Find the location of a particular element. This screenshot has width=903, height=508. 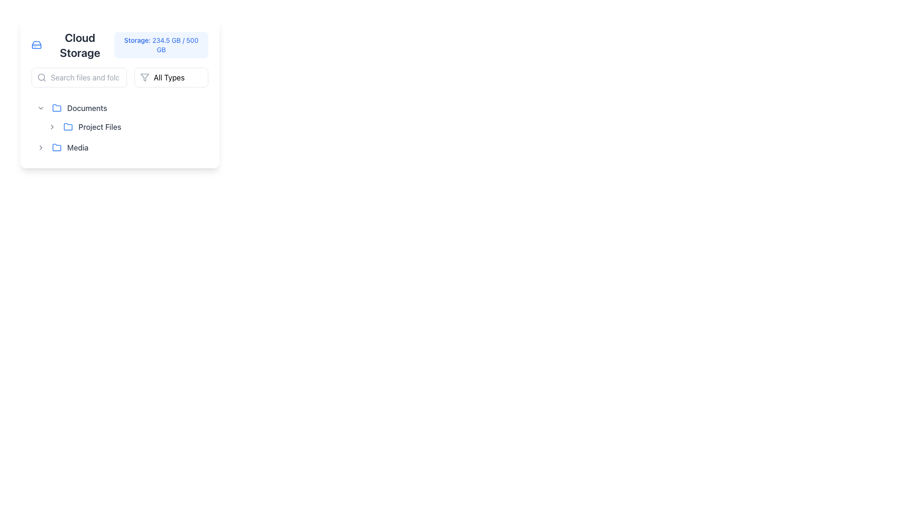

the static text display element that shows storage usage information, located near the top-left of the interface, next to the label 'Storage:' is located at coordinates (175, 45).